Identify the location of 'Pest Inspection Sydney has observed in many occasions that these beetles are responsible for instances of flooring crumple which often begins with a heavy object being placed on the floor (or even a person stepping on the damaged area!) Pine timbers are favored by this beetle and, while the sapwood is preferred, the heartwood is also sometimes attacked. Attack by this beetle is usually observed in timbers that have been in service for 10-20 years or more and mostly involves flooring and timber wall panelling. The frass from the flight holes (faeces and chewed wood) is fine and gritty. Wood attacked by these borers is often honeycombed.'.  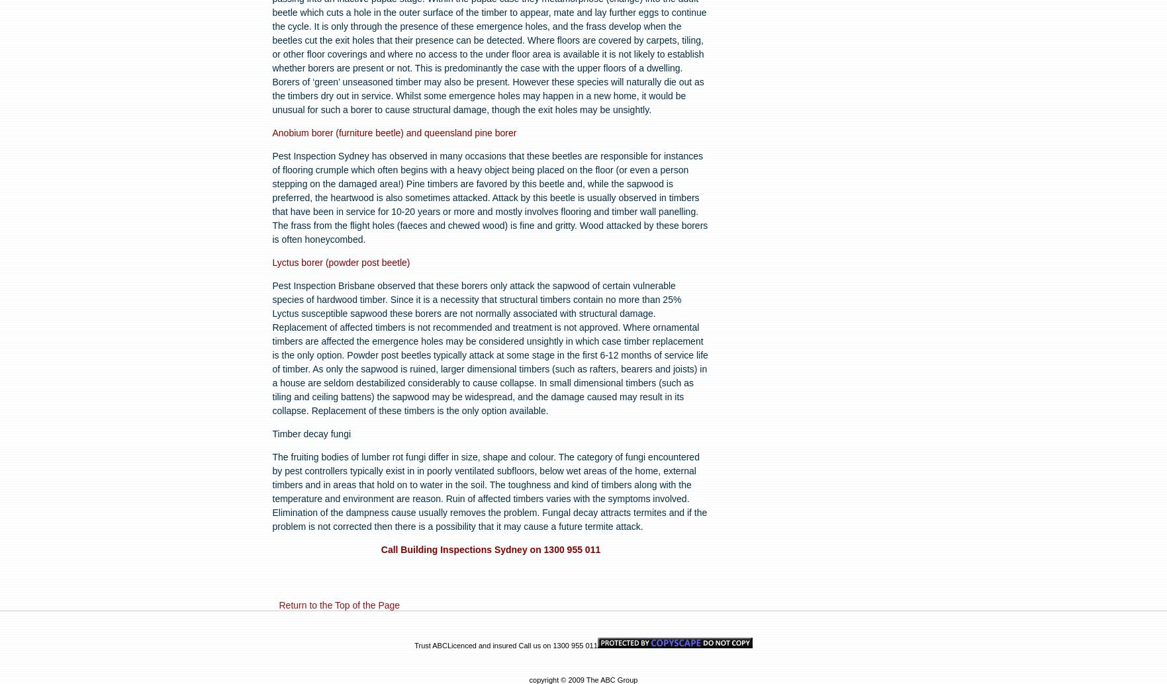
(489, 197).